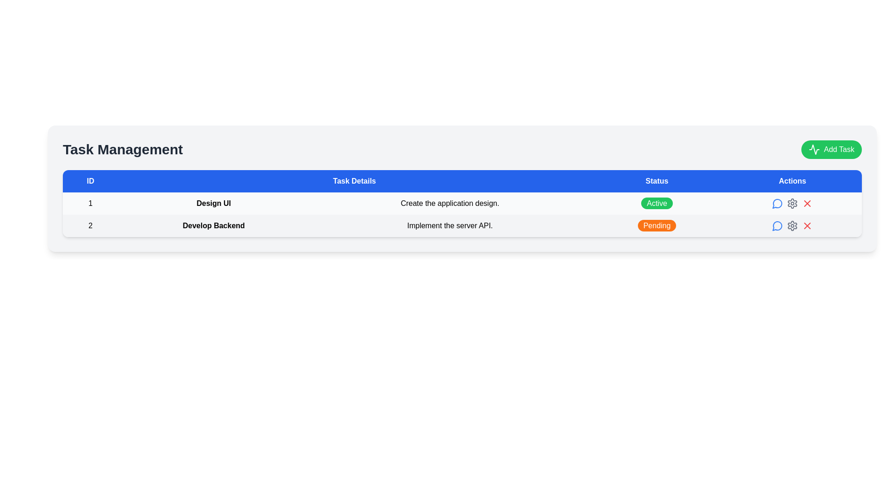 The image size is (894, 502). What do you see at coordinates (806, 203) in the screenshot?
I see `the delete icon in the 'Actions' column of the second row corresponding to the 'Develop Backend' task` at bounding box center [806, 203].